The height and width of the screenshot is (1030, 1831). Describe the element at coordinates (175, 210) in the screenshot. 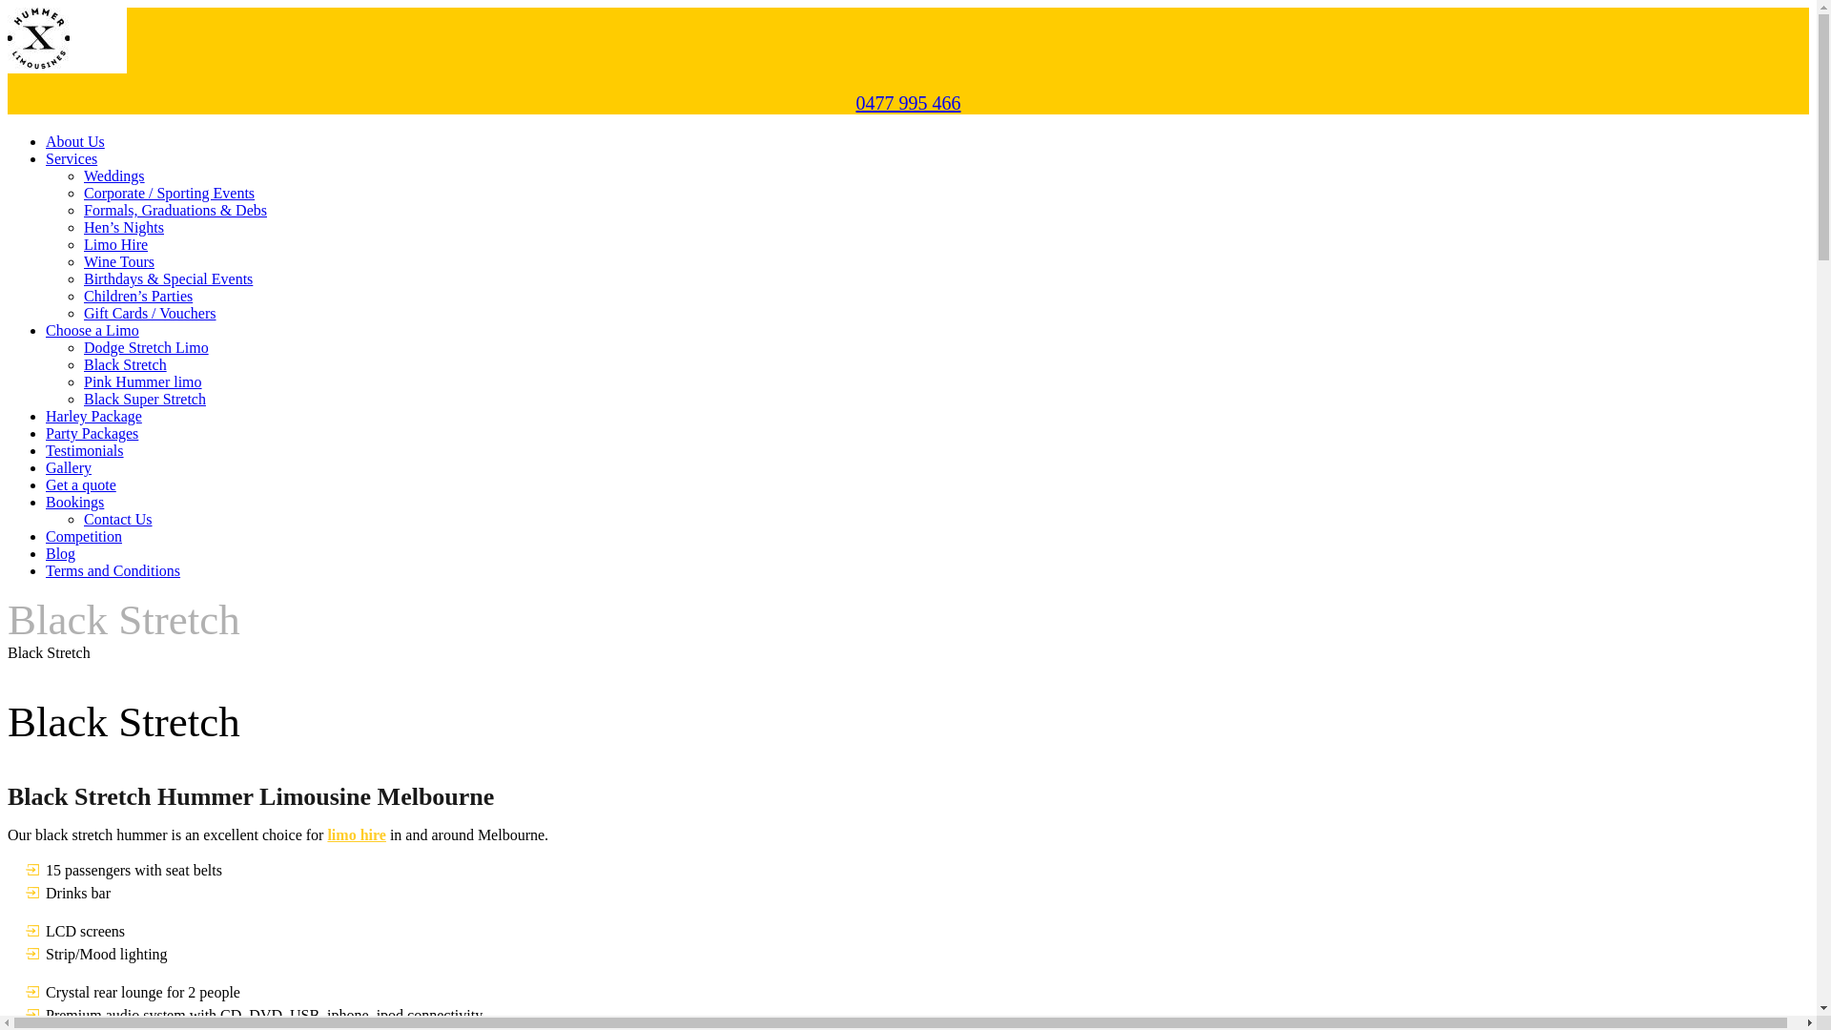

I see `'Formals, Graduations & Debs'` at that location.